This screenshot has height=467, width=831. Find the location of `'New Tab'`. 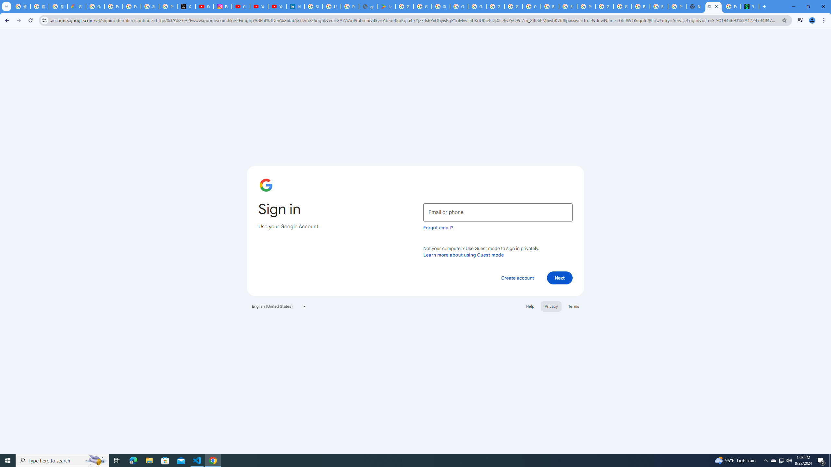

'New Tab' is located at coordinates (695, 6).